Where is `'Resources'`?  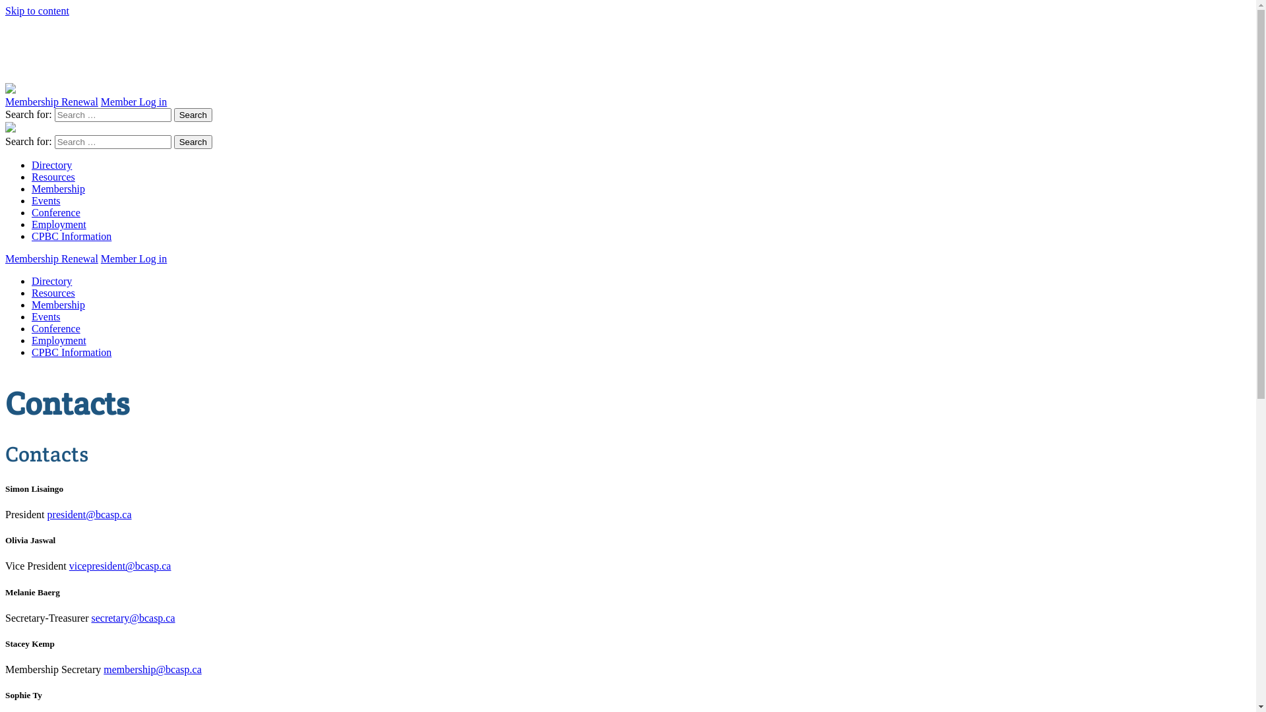 'Resources' is located at coordinates (53, 176).